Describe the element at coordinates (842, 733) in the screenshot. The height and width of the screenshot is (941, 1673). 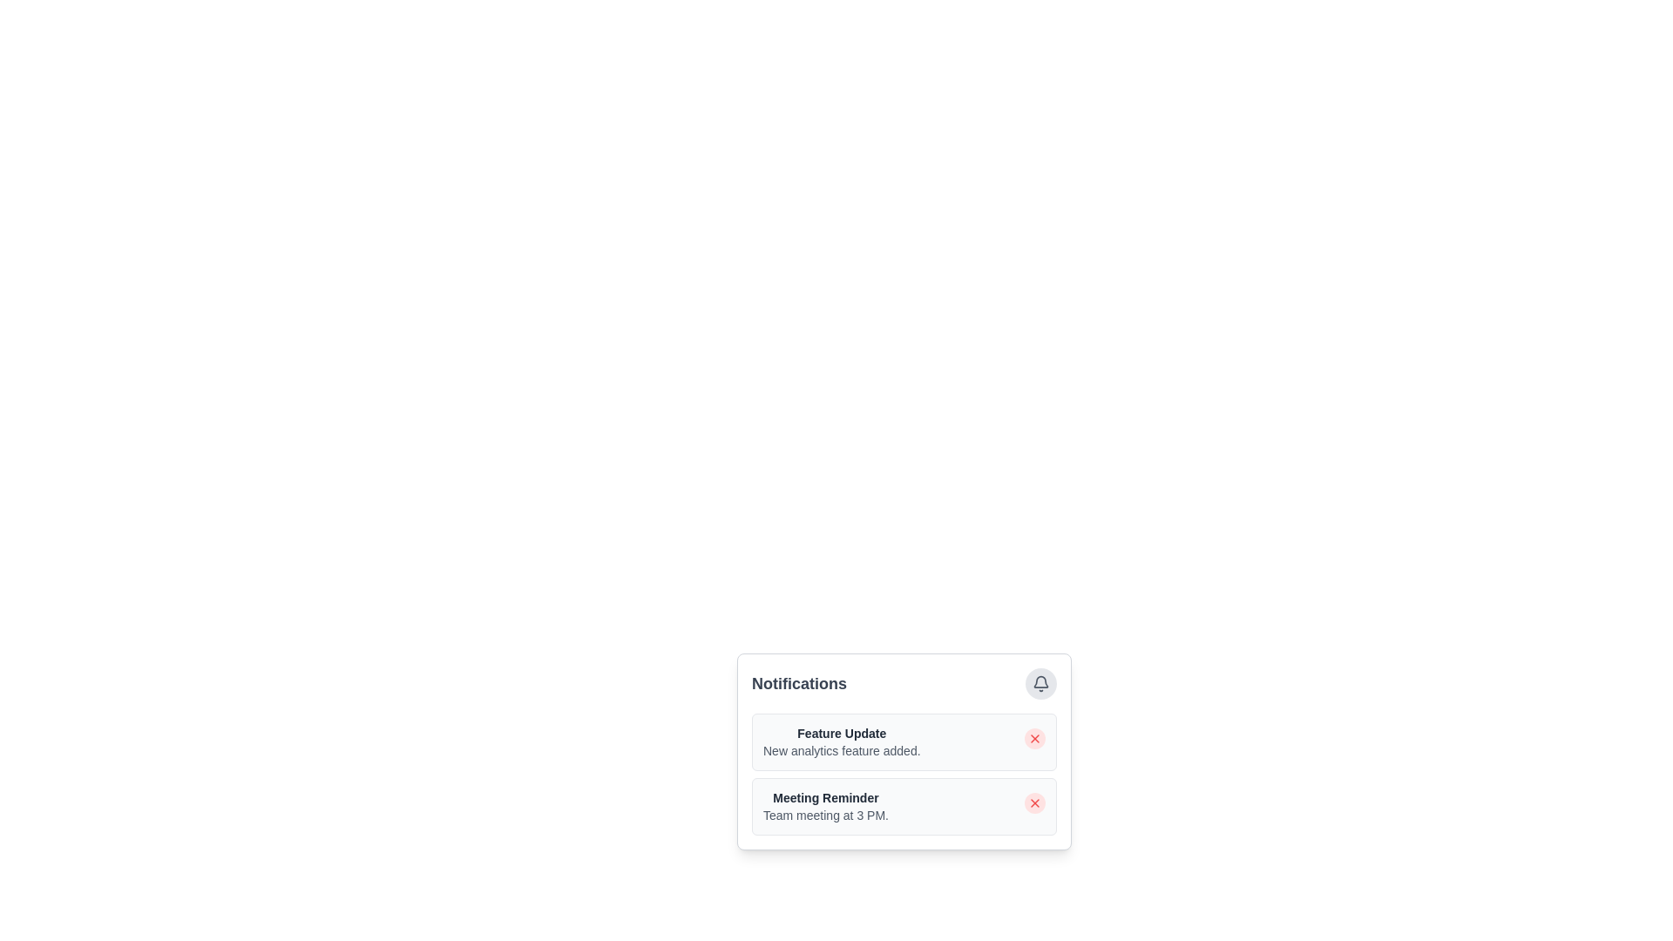
I see `title text of the notification, which serves as a descriptor of the message content, located at the center of the Text label in the lower right area of the interface` at that location.